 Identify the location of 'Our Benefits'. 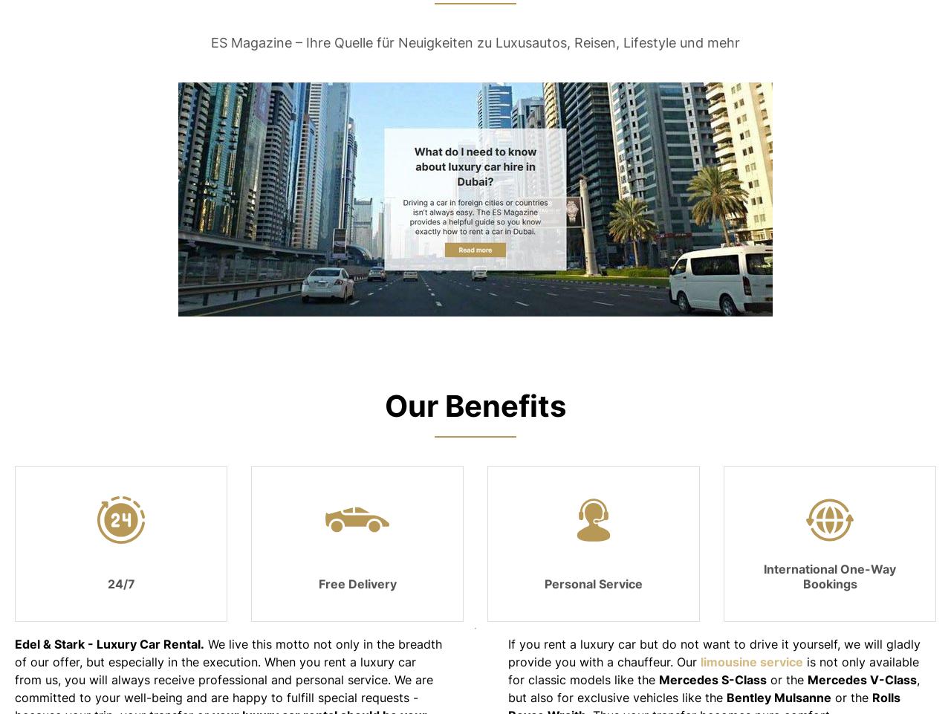
(475, 404).